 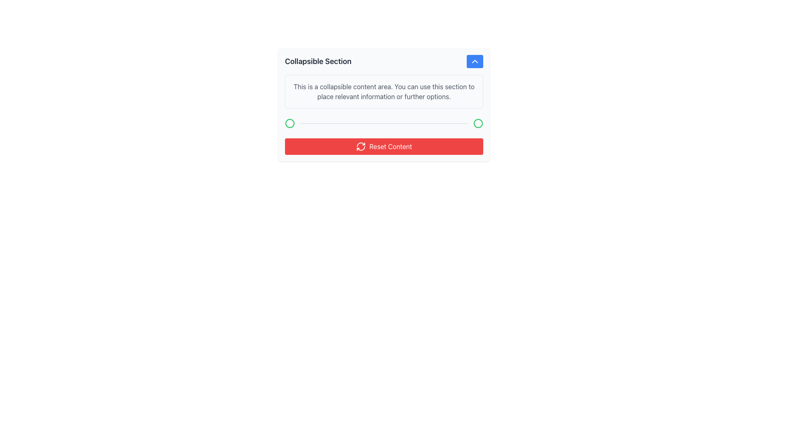 I want to click on the visual separator or progress bar located above the red 'Reset Content' button in the collapsible section, so click(x=384, y=123).